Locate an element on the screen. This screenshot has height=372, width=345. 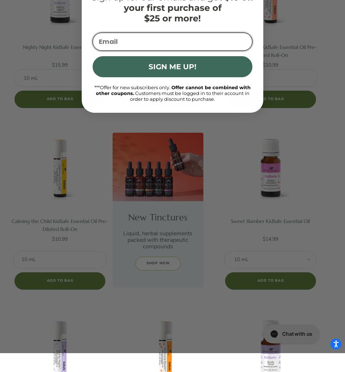
'Woody' is located at coordinates (31, 57).